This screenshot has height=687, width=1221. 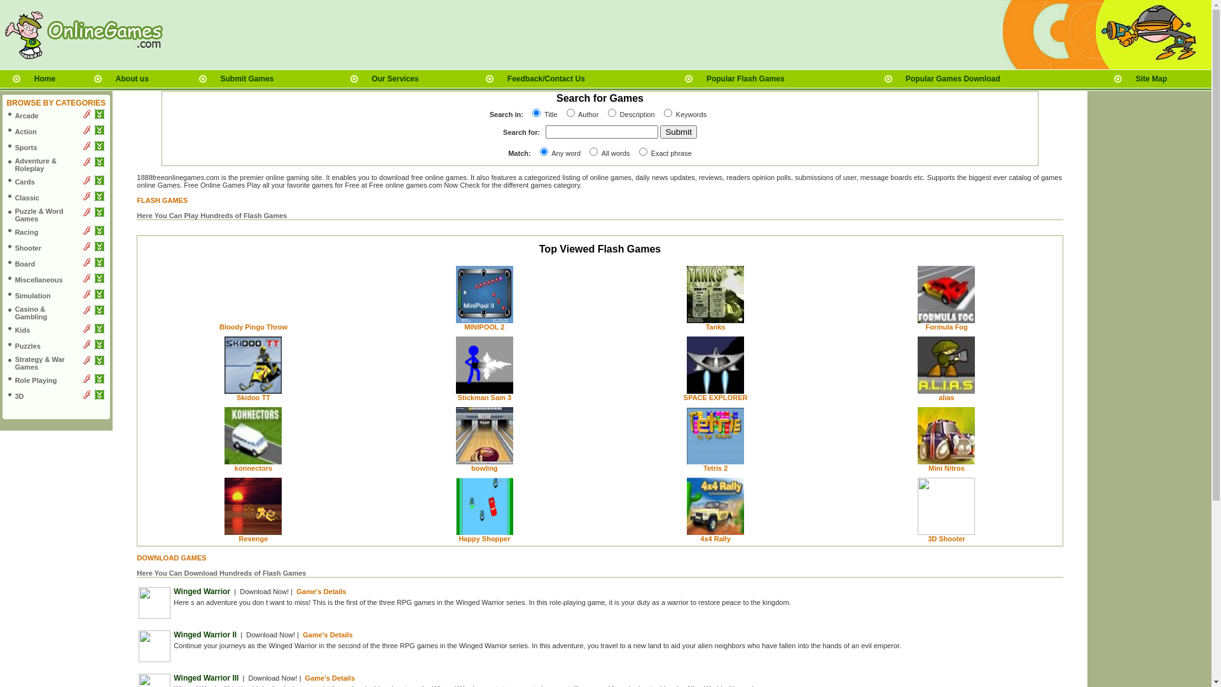 I want to click on 'Play Sports Flash Games', so click(x=81, y=147).